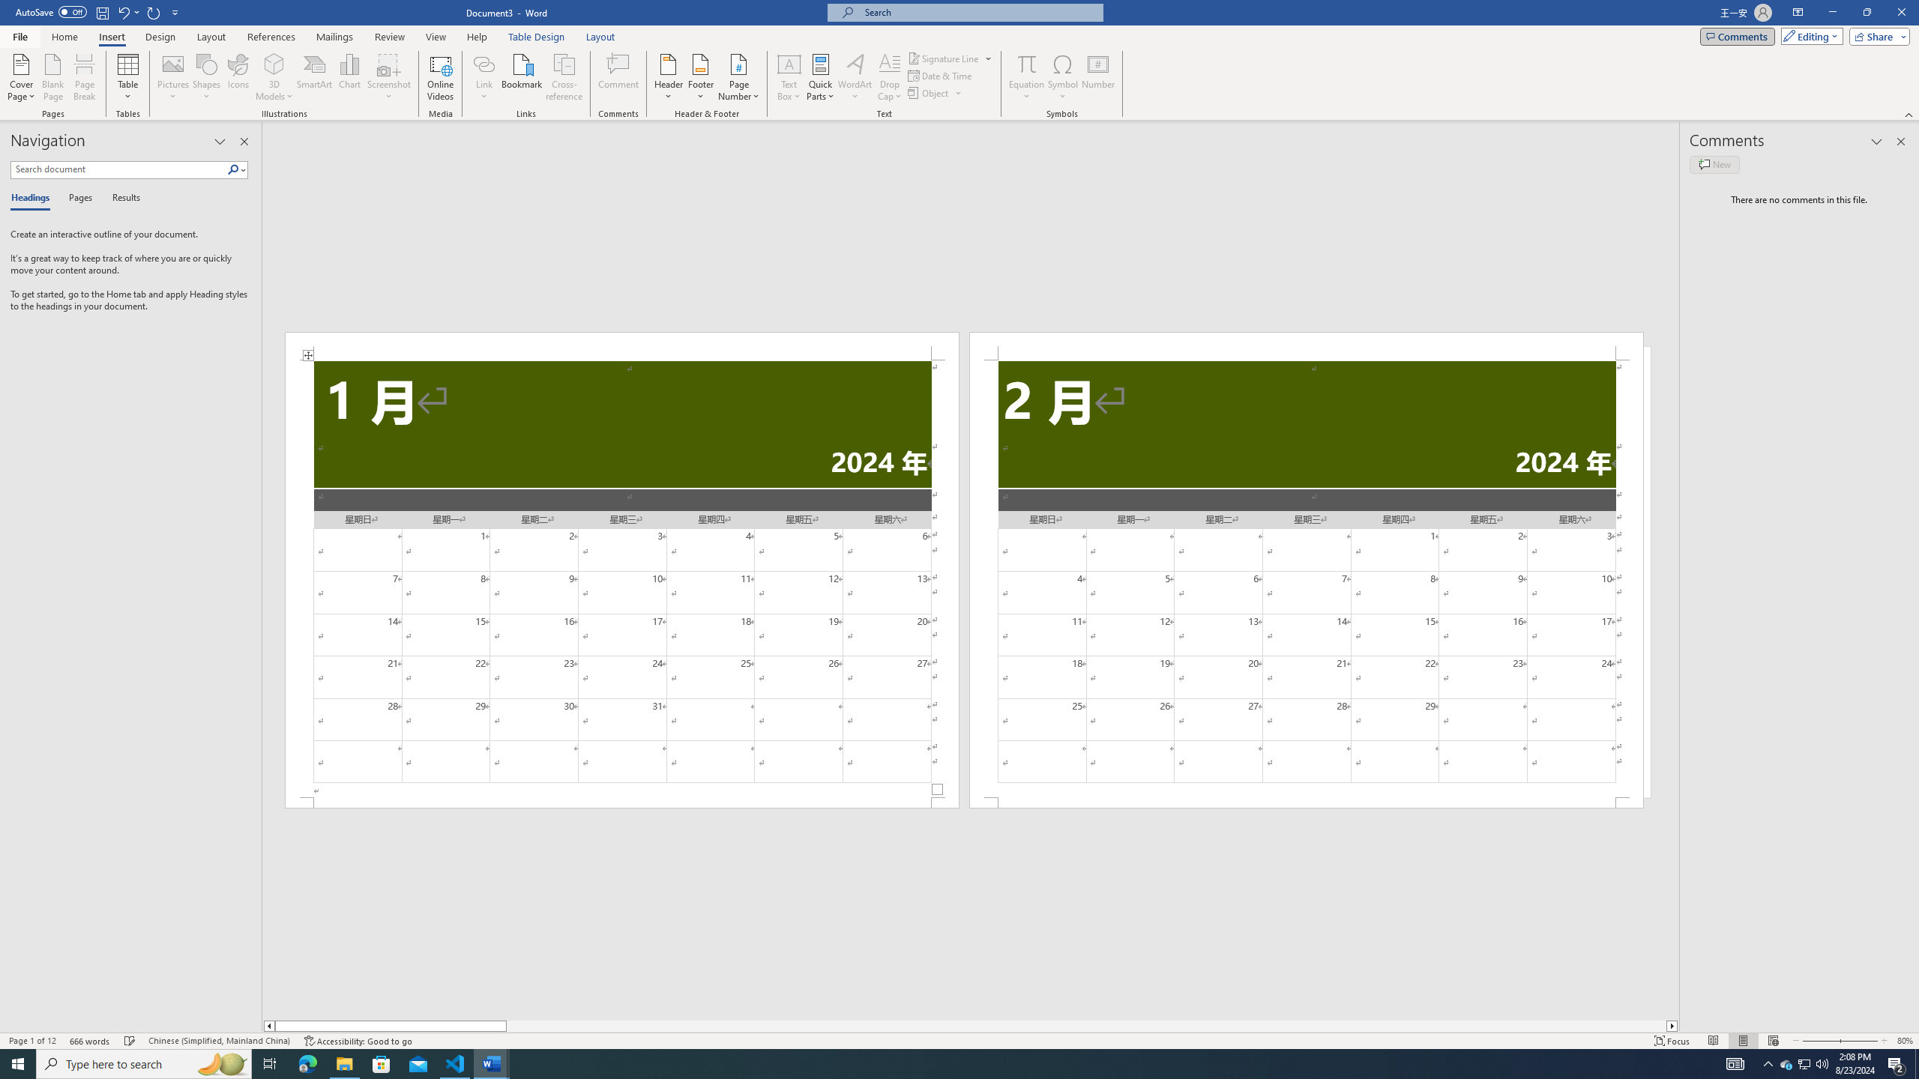 This screenshot has width=1919, height=1079. What do you see at coordinates (1097, 77) in the screenshot?
I see `'Number...'` at bounding box center [1097, 77].